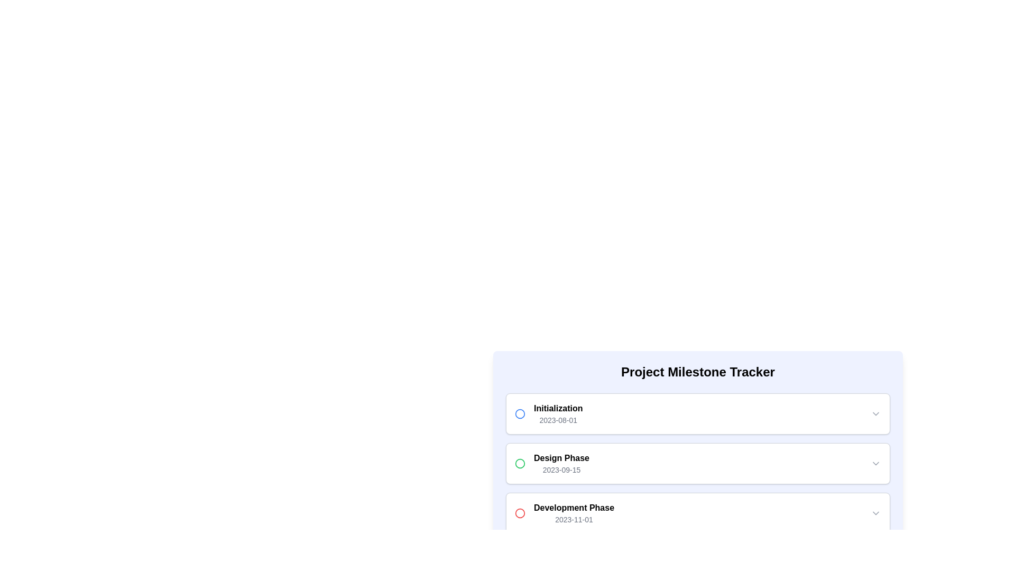 The width and height of the screenshot is (1015, 571). I want to click on the dropdown arrow in the 'Design Phase' collapsible section of the 'Project Milestone Tracker', so click(698, 463).